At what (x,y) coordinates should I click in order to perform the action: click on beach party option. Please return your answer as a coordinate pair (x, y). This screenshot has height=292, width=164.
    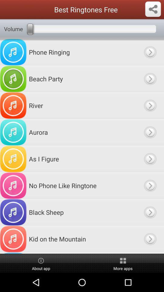
    Looking at the image, I should click on (150, 78).